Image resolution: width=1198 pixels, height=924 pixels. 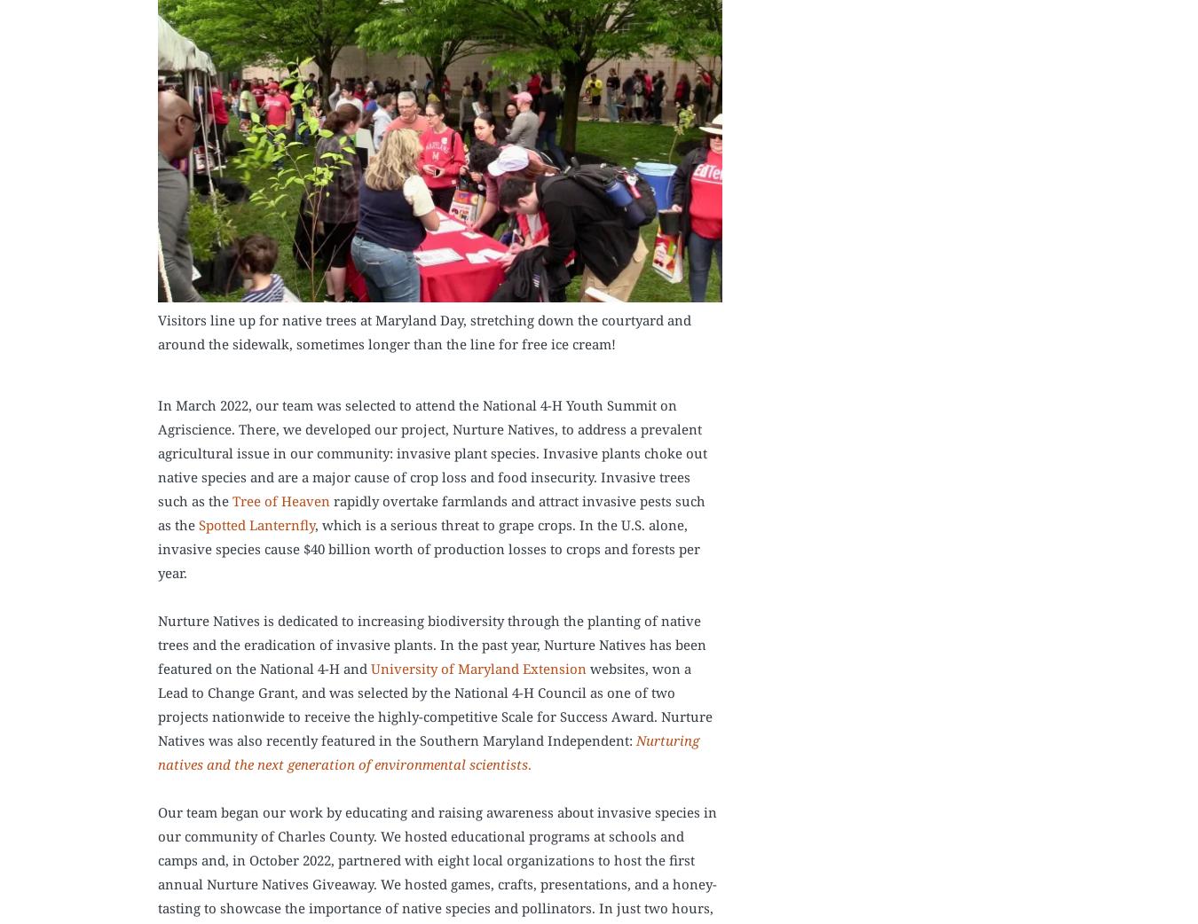 I want to click on 'Tree of Heaven', so click(x=280, y=499).